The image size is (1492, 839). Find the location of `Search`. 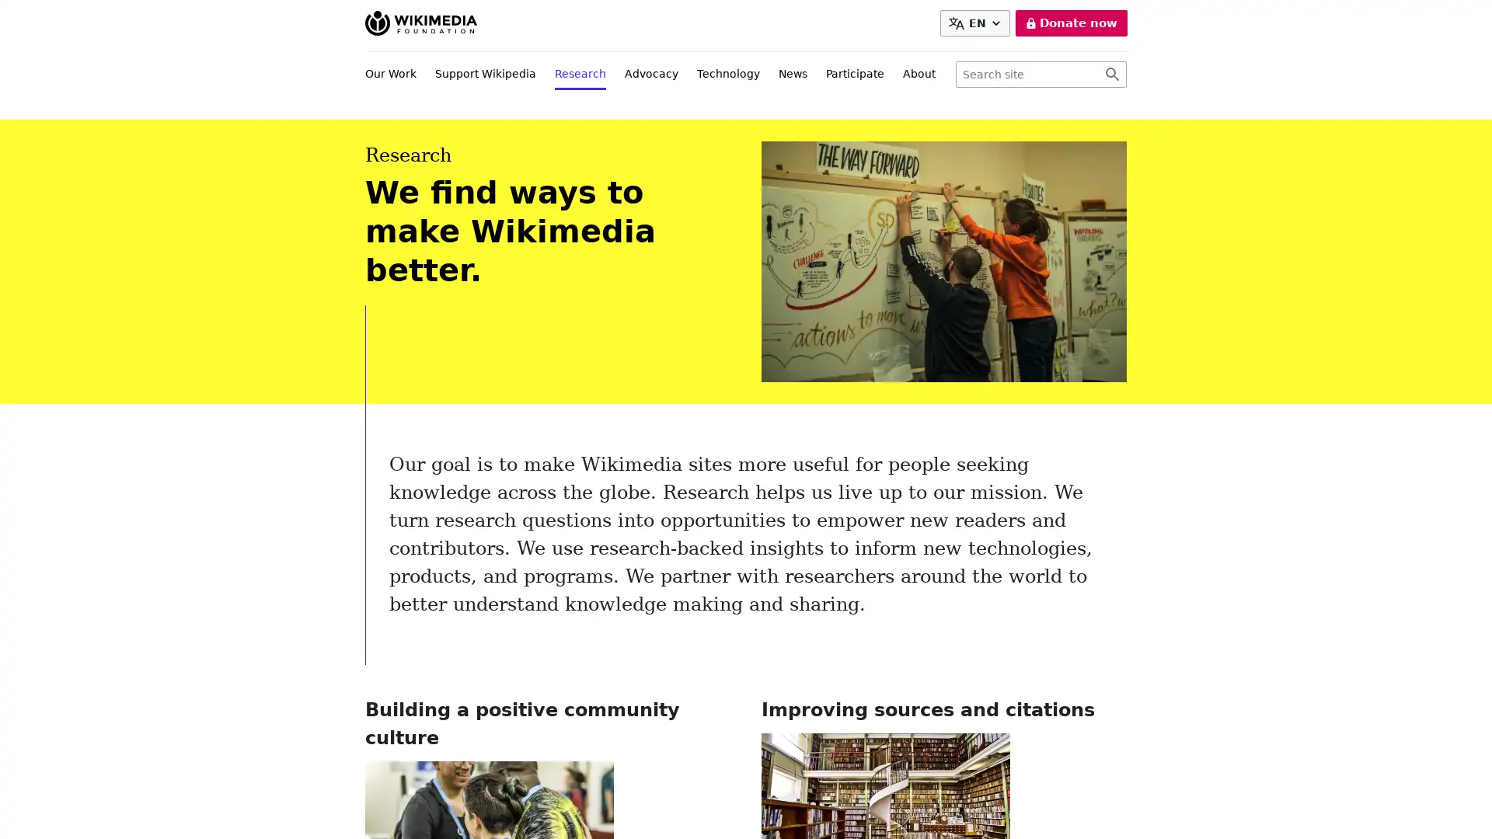

Search is located at coordinates (1111, 75).